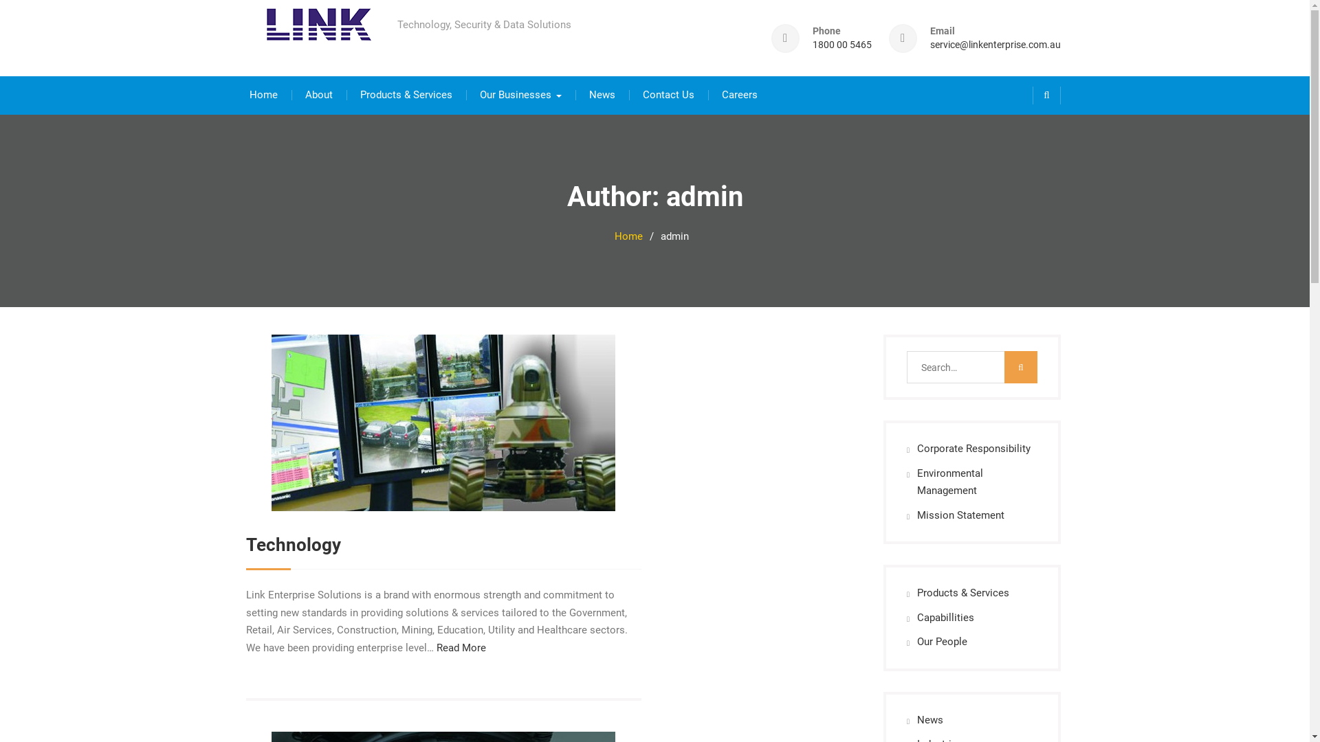 The width and height of the screenshot is (1320, 742). Describe the element at coordinates (461, 647) in the screenshot. I see `'Read More'` at that location.